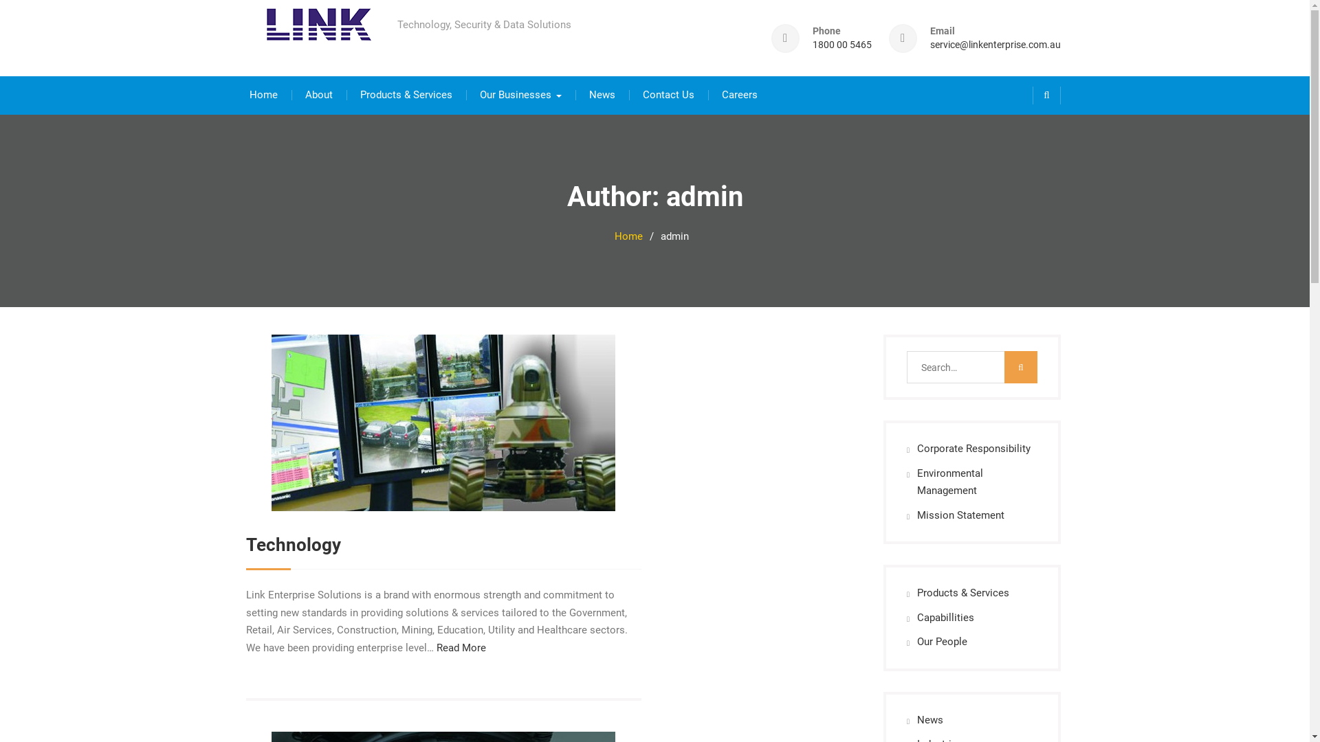 The width and height of the screenshot is (1320, 742). Describe the element at coordinates (461, 647) in the screenshot. I see `'Read More'` at that location.